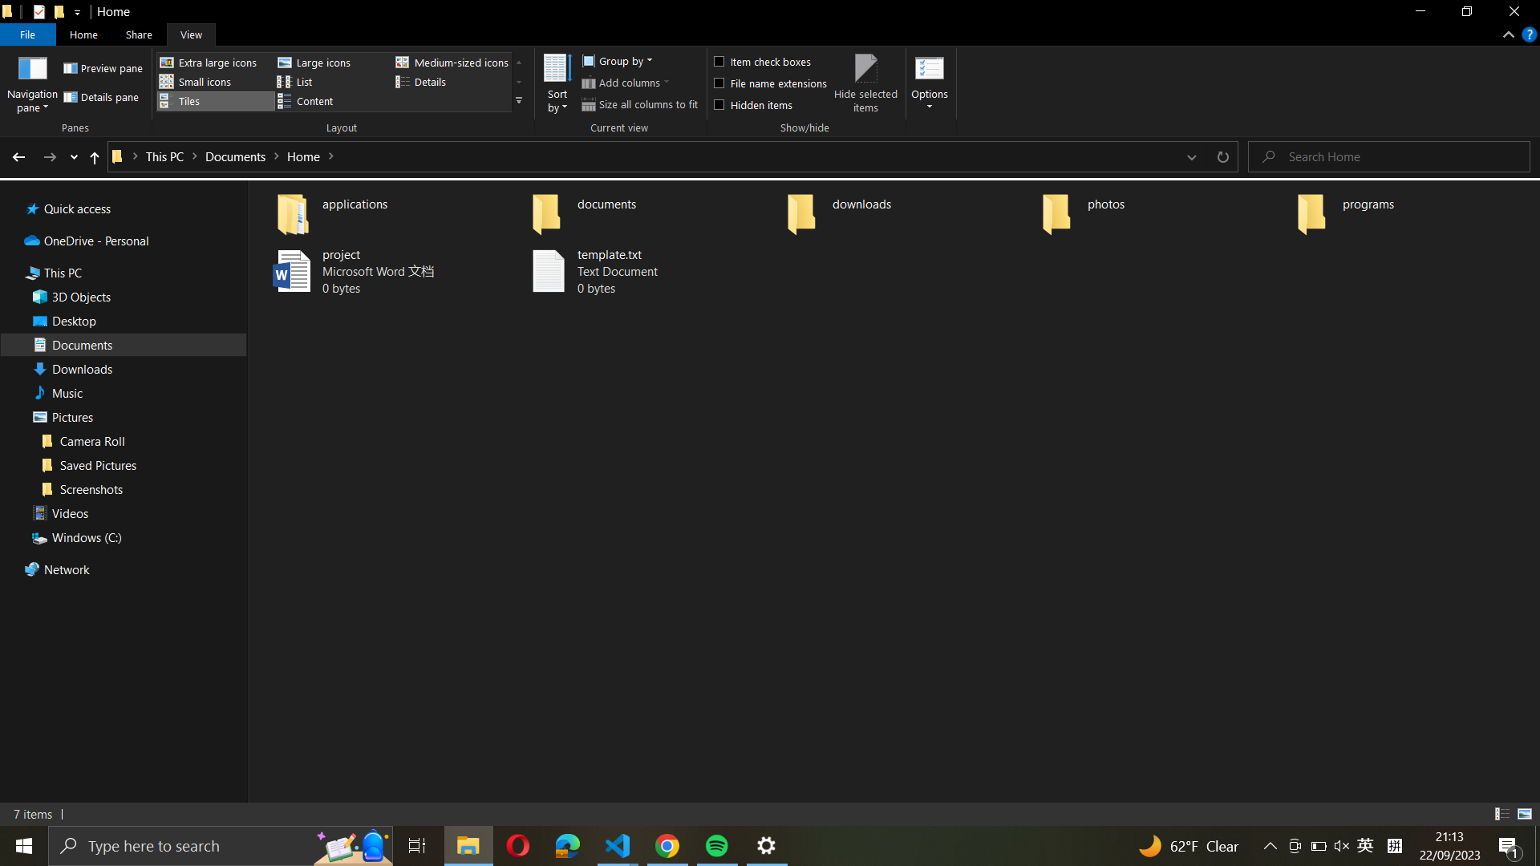 This screenshot has width=1540, height=866. I want to click on Show all the updates from the notification center, so click(1510, 845).